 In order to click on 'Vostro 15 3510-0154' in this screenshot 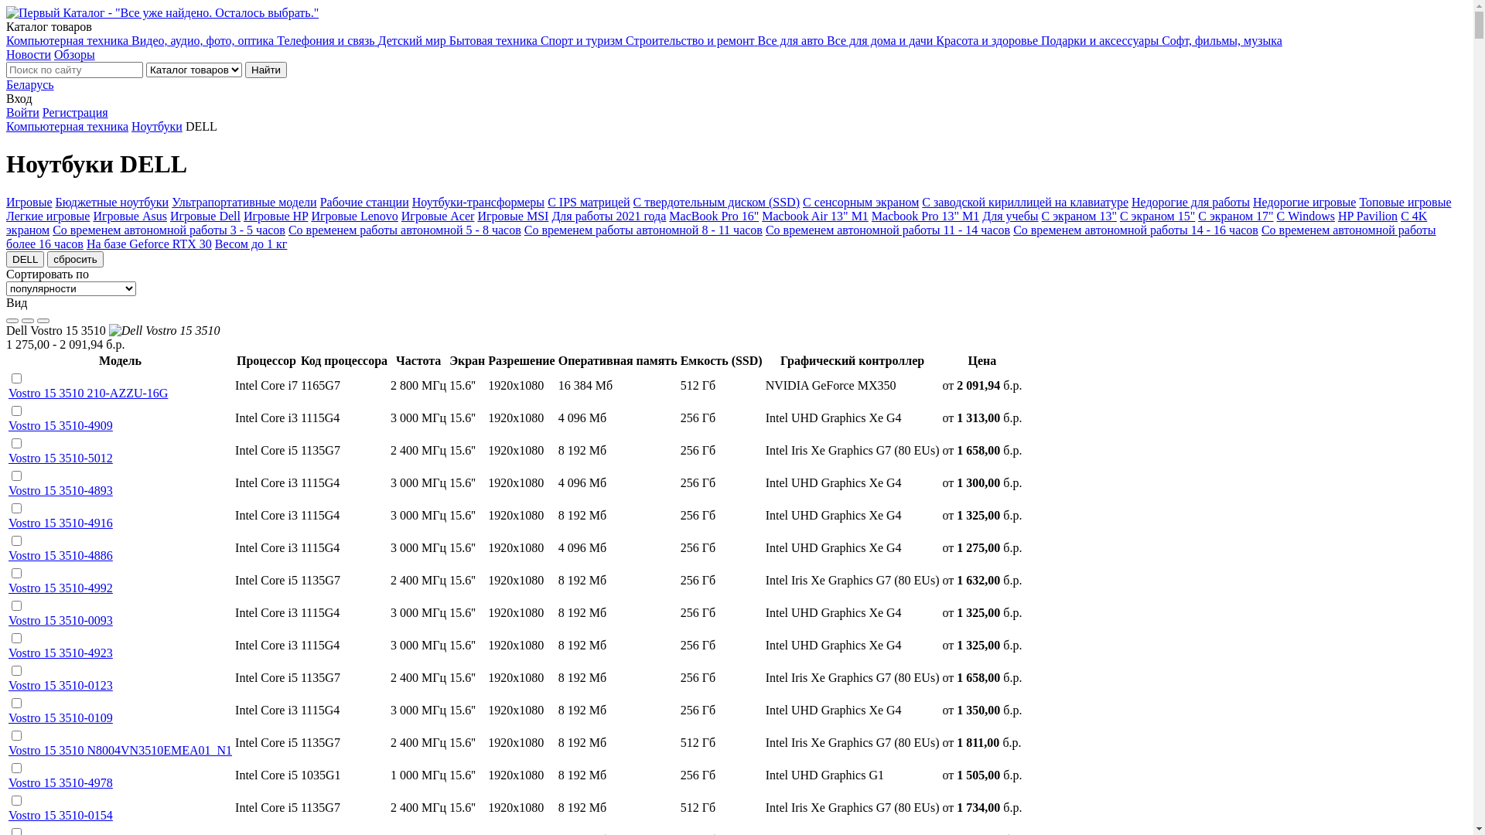, I will do `click(60, 814)`.